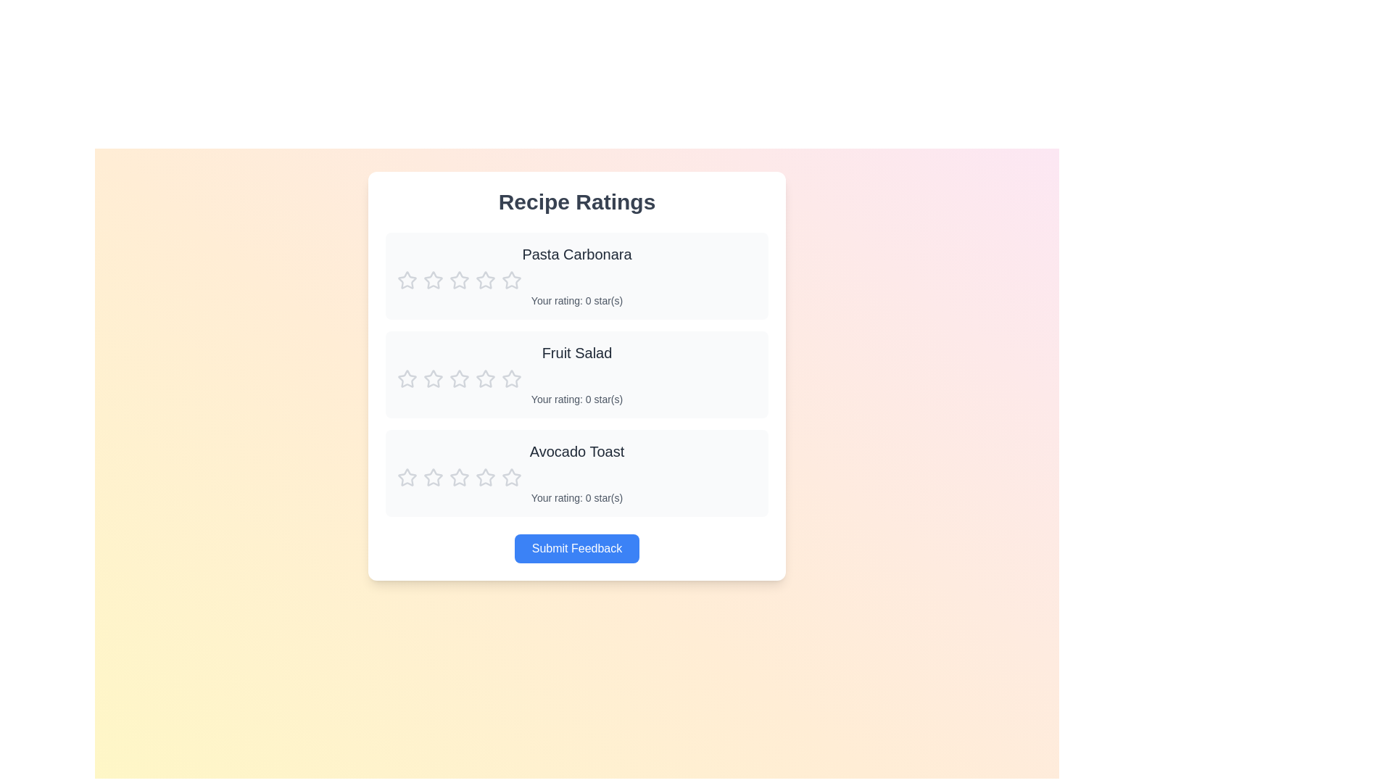 The height and width of the screenshot is (783, 1392). Describe the element at coordinates (406, 378) in the screenshot. I see `the first star icon in the rating component under the section titled 'Fruit Salad'` at that location.